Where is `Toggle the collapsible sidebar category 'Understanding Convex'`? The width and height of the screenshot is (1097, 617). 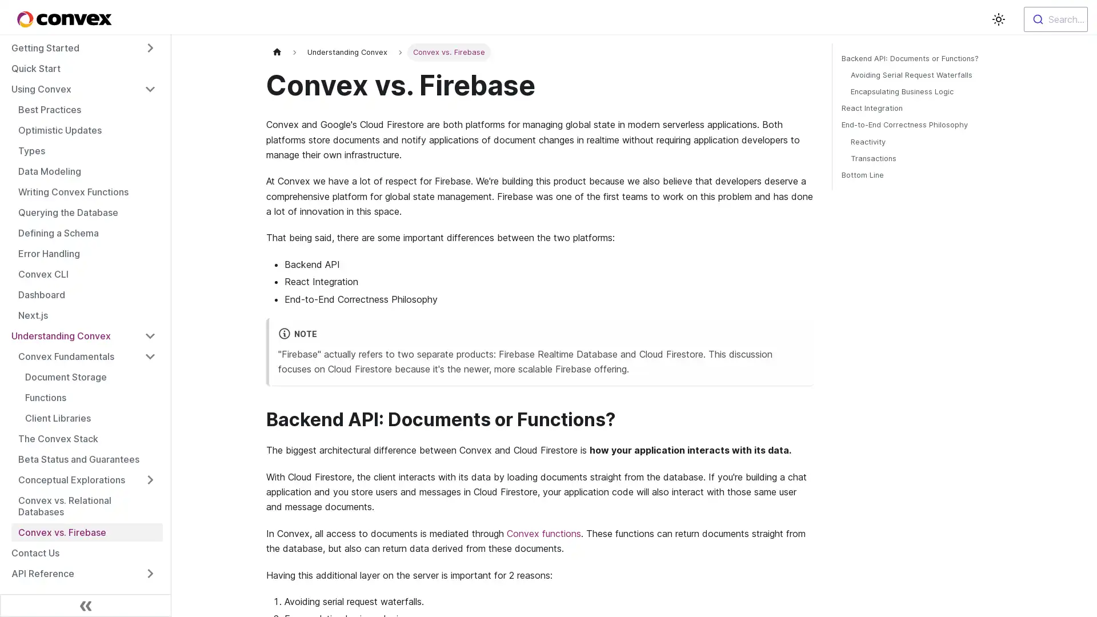
Toggle the collapsible sidebar category 'Understanding Convex' is located at coordinates (150, 335).